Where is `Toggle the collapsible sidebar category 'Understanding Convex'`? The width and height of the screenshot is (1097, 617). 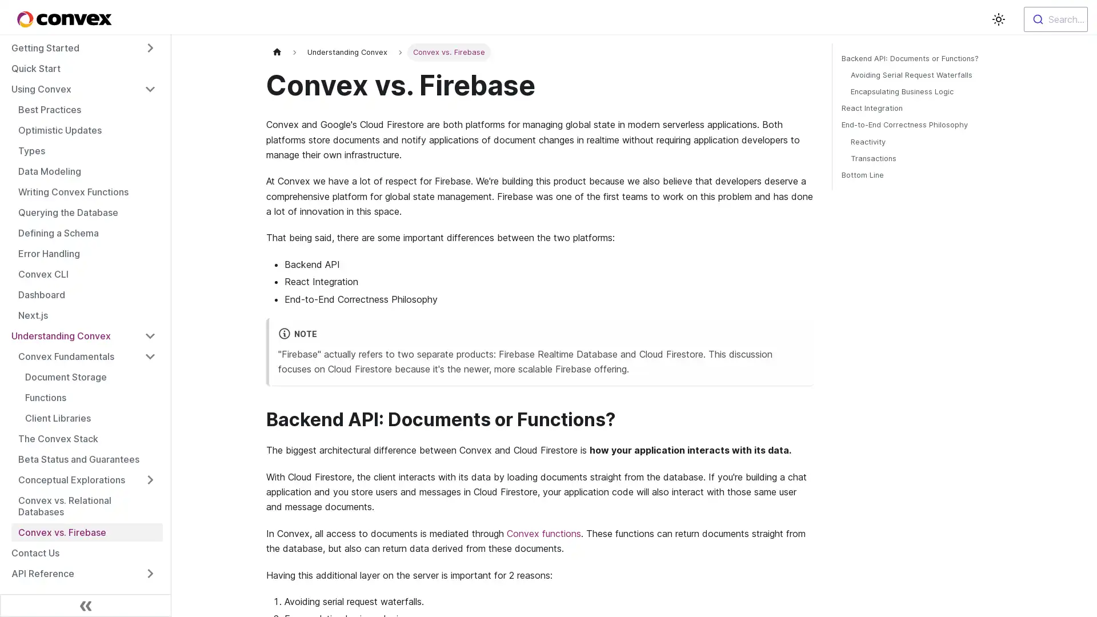
Toggle the collapsible sidebar category 'Understanding Convex' is located at coordinates (150, 335).